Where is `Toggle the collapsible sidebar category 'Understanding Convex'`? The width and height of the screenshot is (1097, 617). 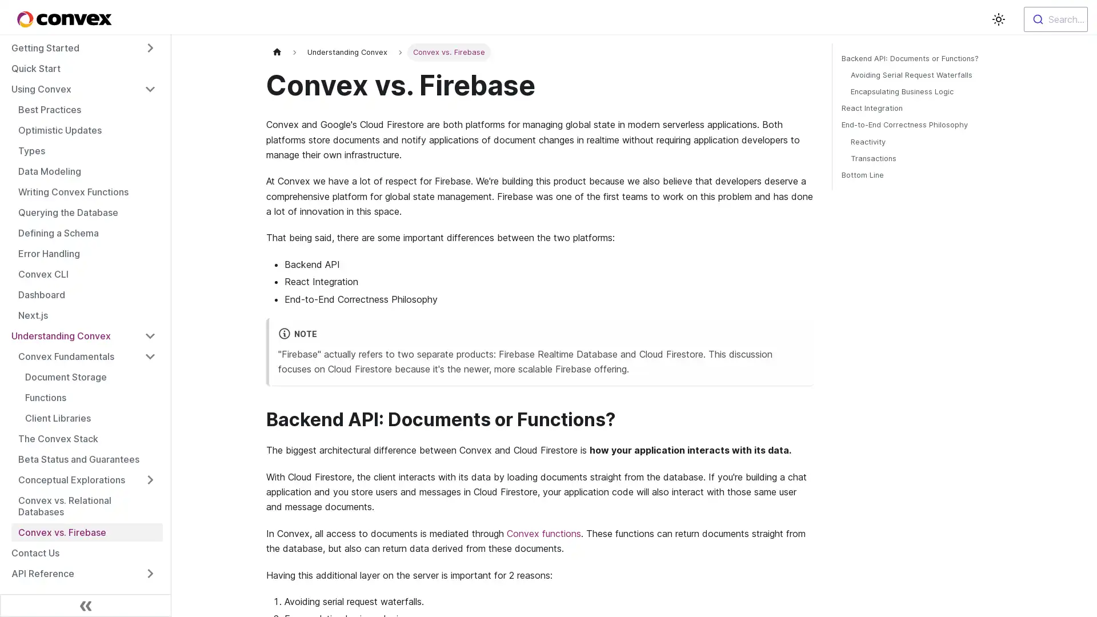
Toggle the collapsible sidebar category 'Understanding Convex' is located at coordinates (150, 335).